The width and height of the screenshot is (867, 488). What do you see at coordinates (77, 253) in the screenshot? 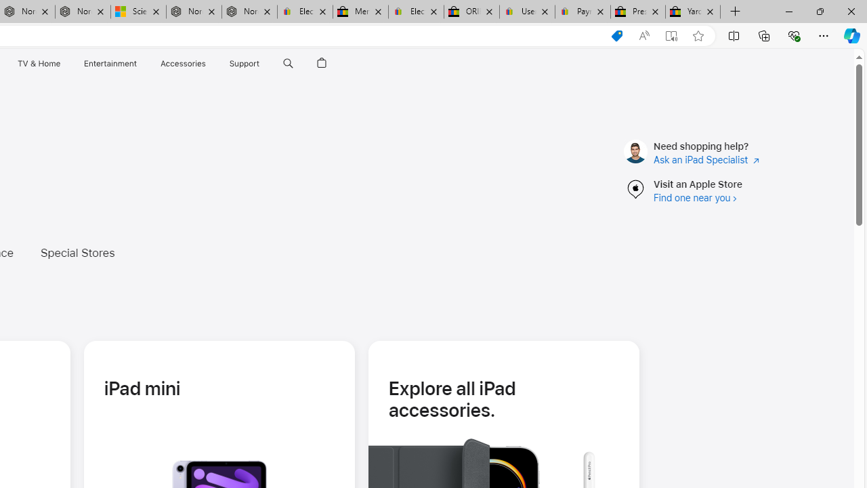
I see `'Special Stores'` at bounding box center [77, 253].